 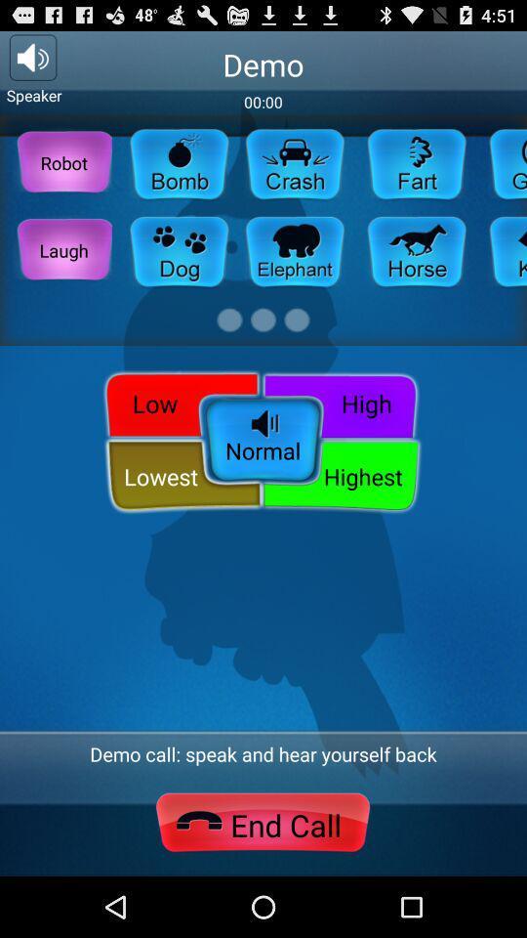 What do you see at coordinates (63, 161) in the screenshot?
I see `robot button` at bounding box center [63, 161].